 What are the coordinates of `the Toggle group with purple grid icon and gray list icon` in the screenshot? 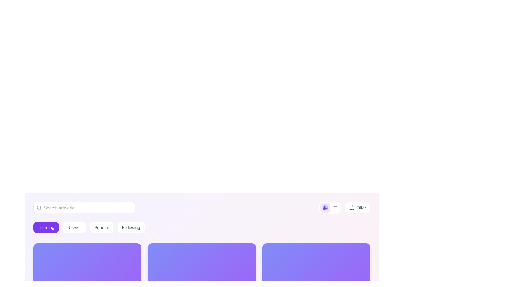 It's located at (329, 208).